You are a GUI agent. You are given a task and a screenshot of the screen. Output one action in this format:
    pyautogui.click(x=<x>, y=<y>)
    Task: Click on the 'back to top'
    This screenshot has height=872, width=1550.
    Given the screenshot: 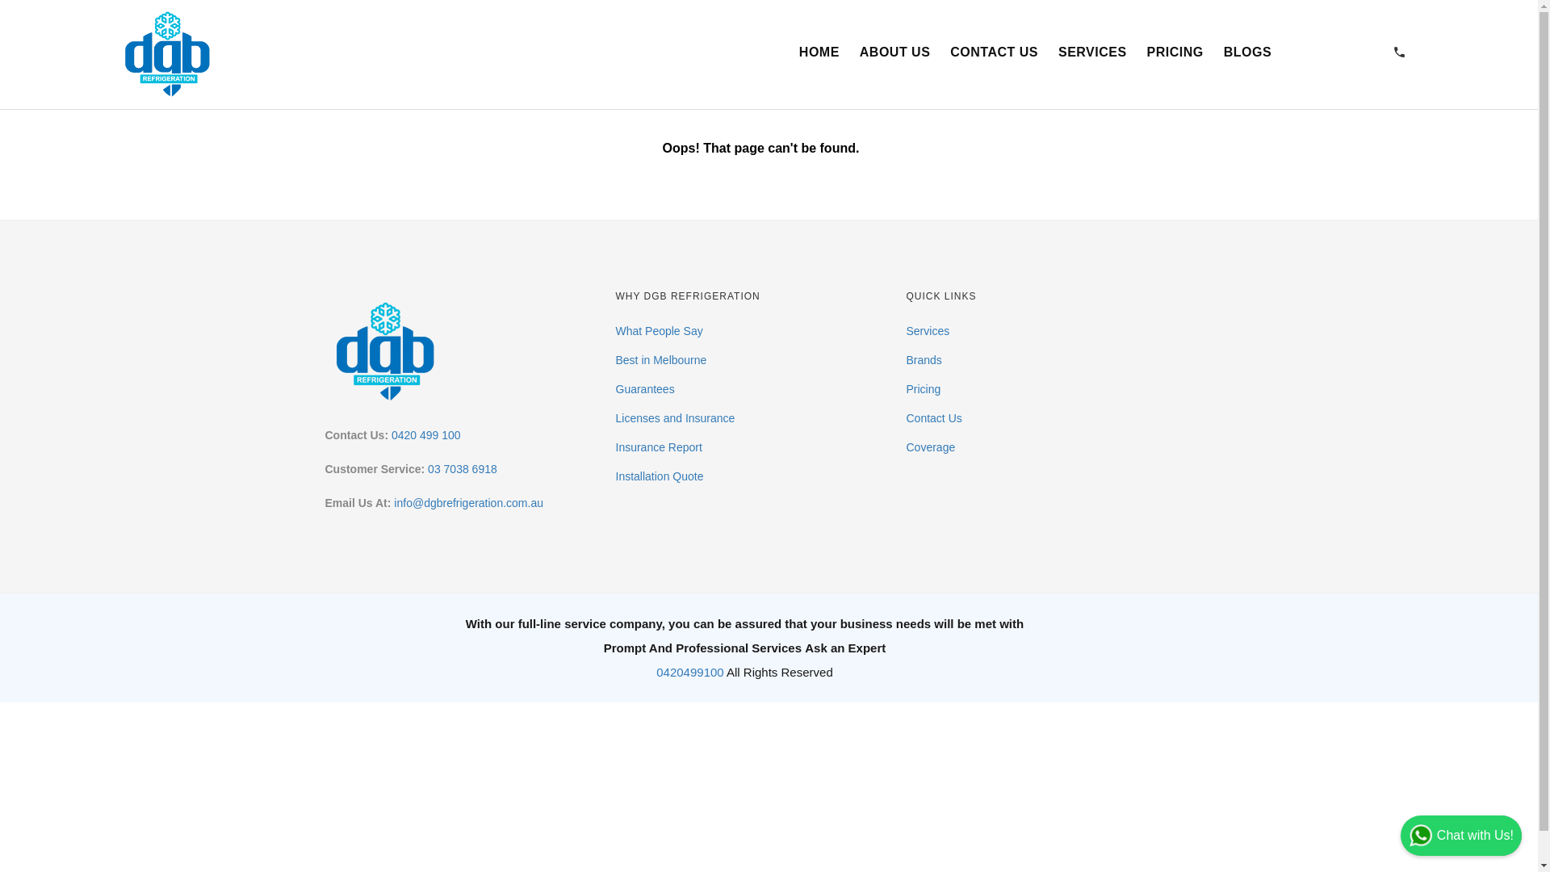 What is the action you would take?
    pyautogui.click(x=1501, y=835)
    